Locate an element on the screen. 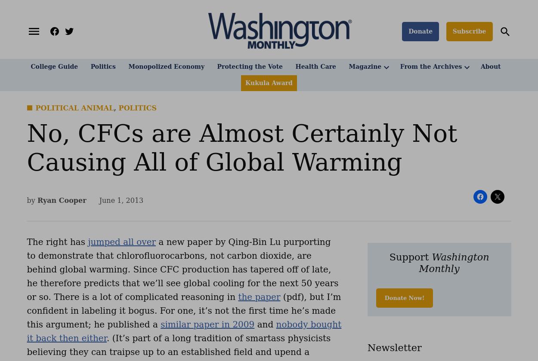 This screenshot has height=361, width=538. 'Ryan Cooper' is located at coordinates (37, 200).